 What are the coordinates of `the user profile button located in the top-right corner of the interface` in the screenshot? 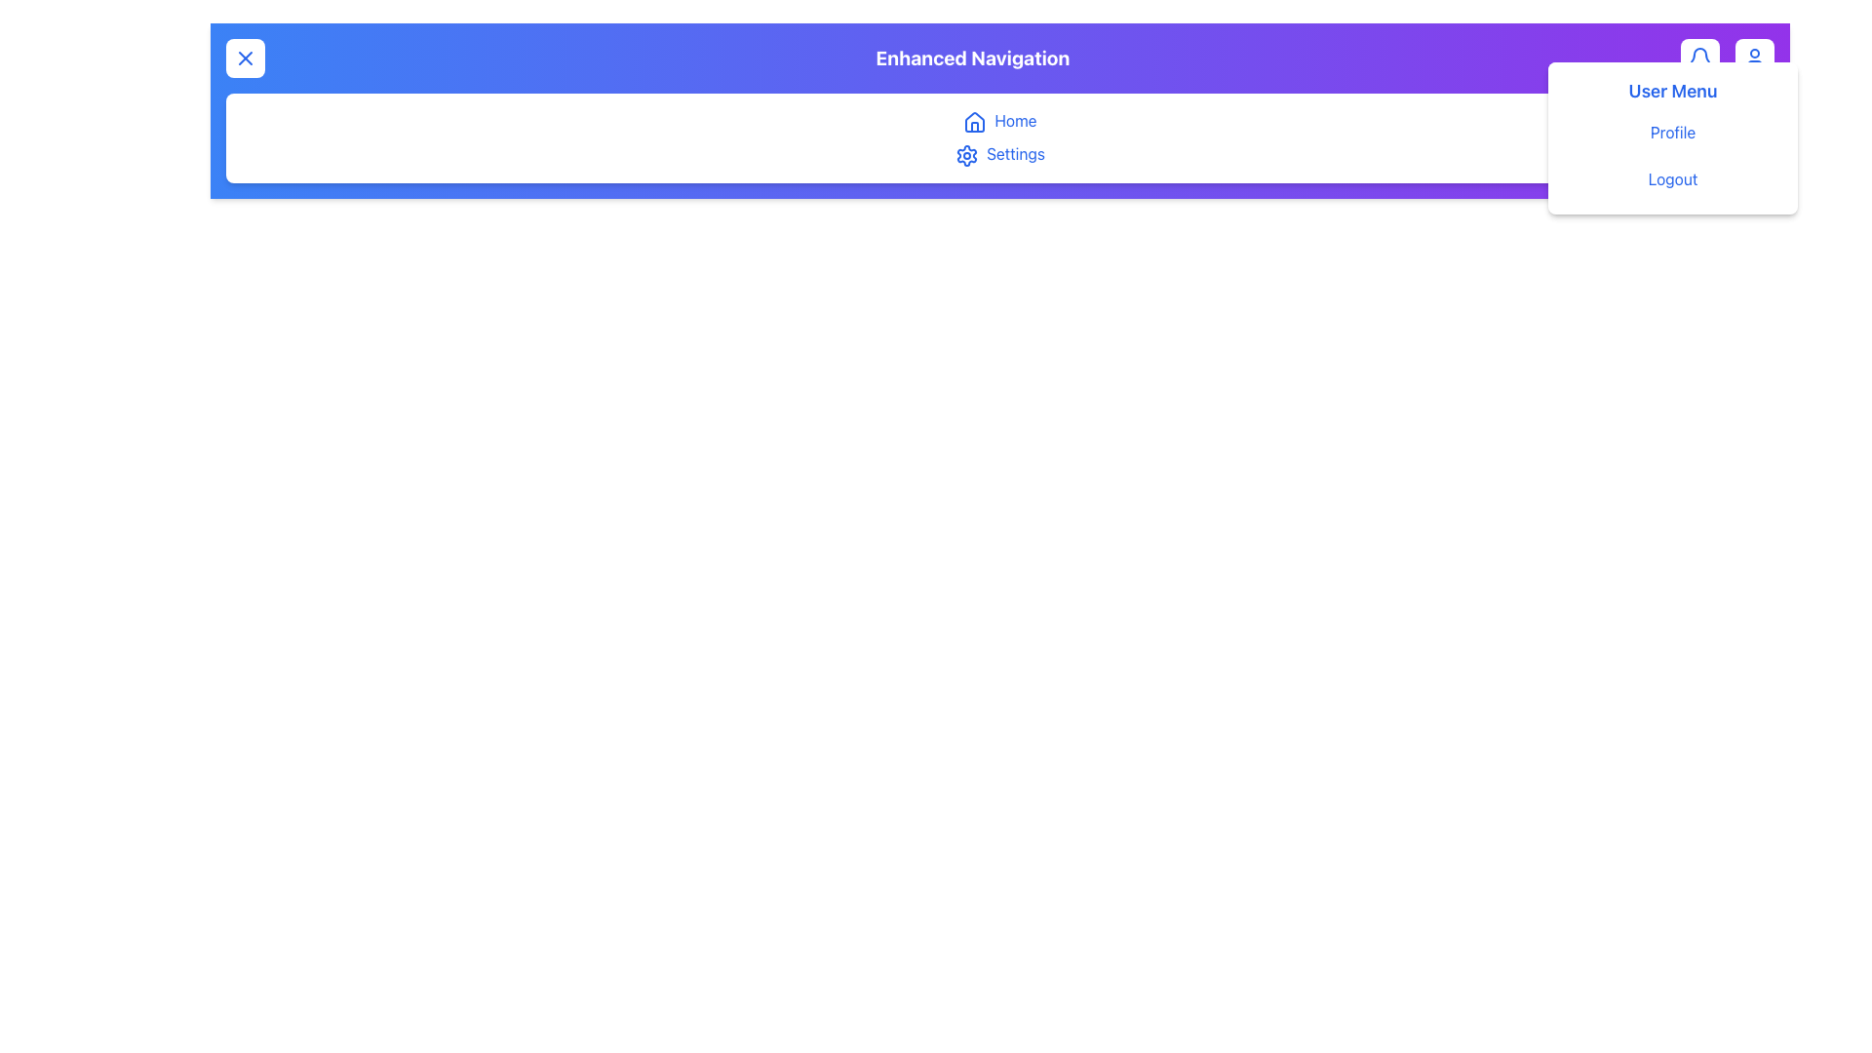 It's located at (1754, 58).